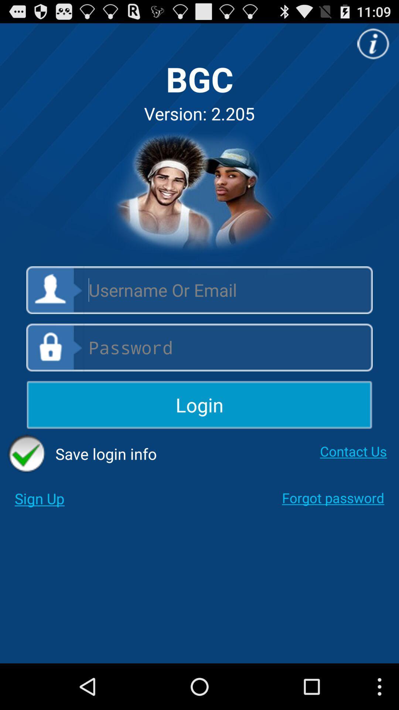 This screenshot has height=710, width=399. I want to click on sign up app, so click(40, 498).